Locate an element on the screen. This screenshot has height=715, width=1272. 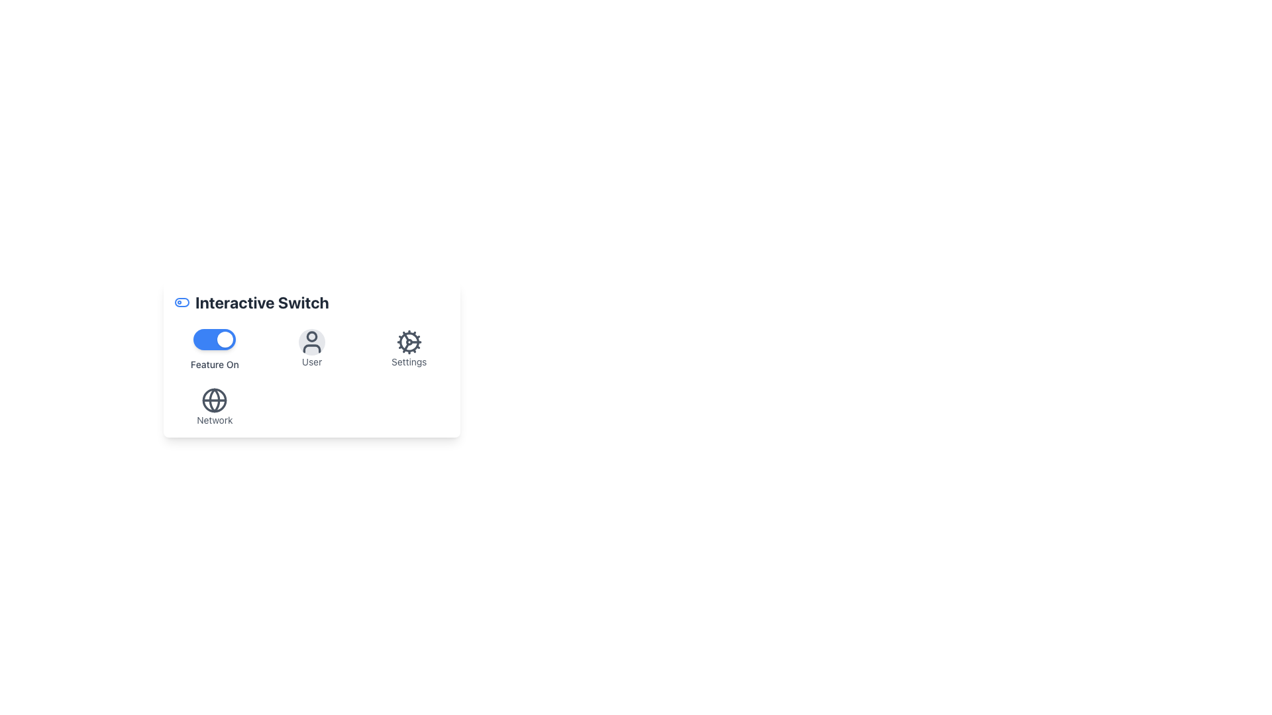
the circular icon element representing the head in the user figure, located on the upper side of the user icon, which is the second icon in a row of three smaller icons within the card is located at coordinates (311, 336).